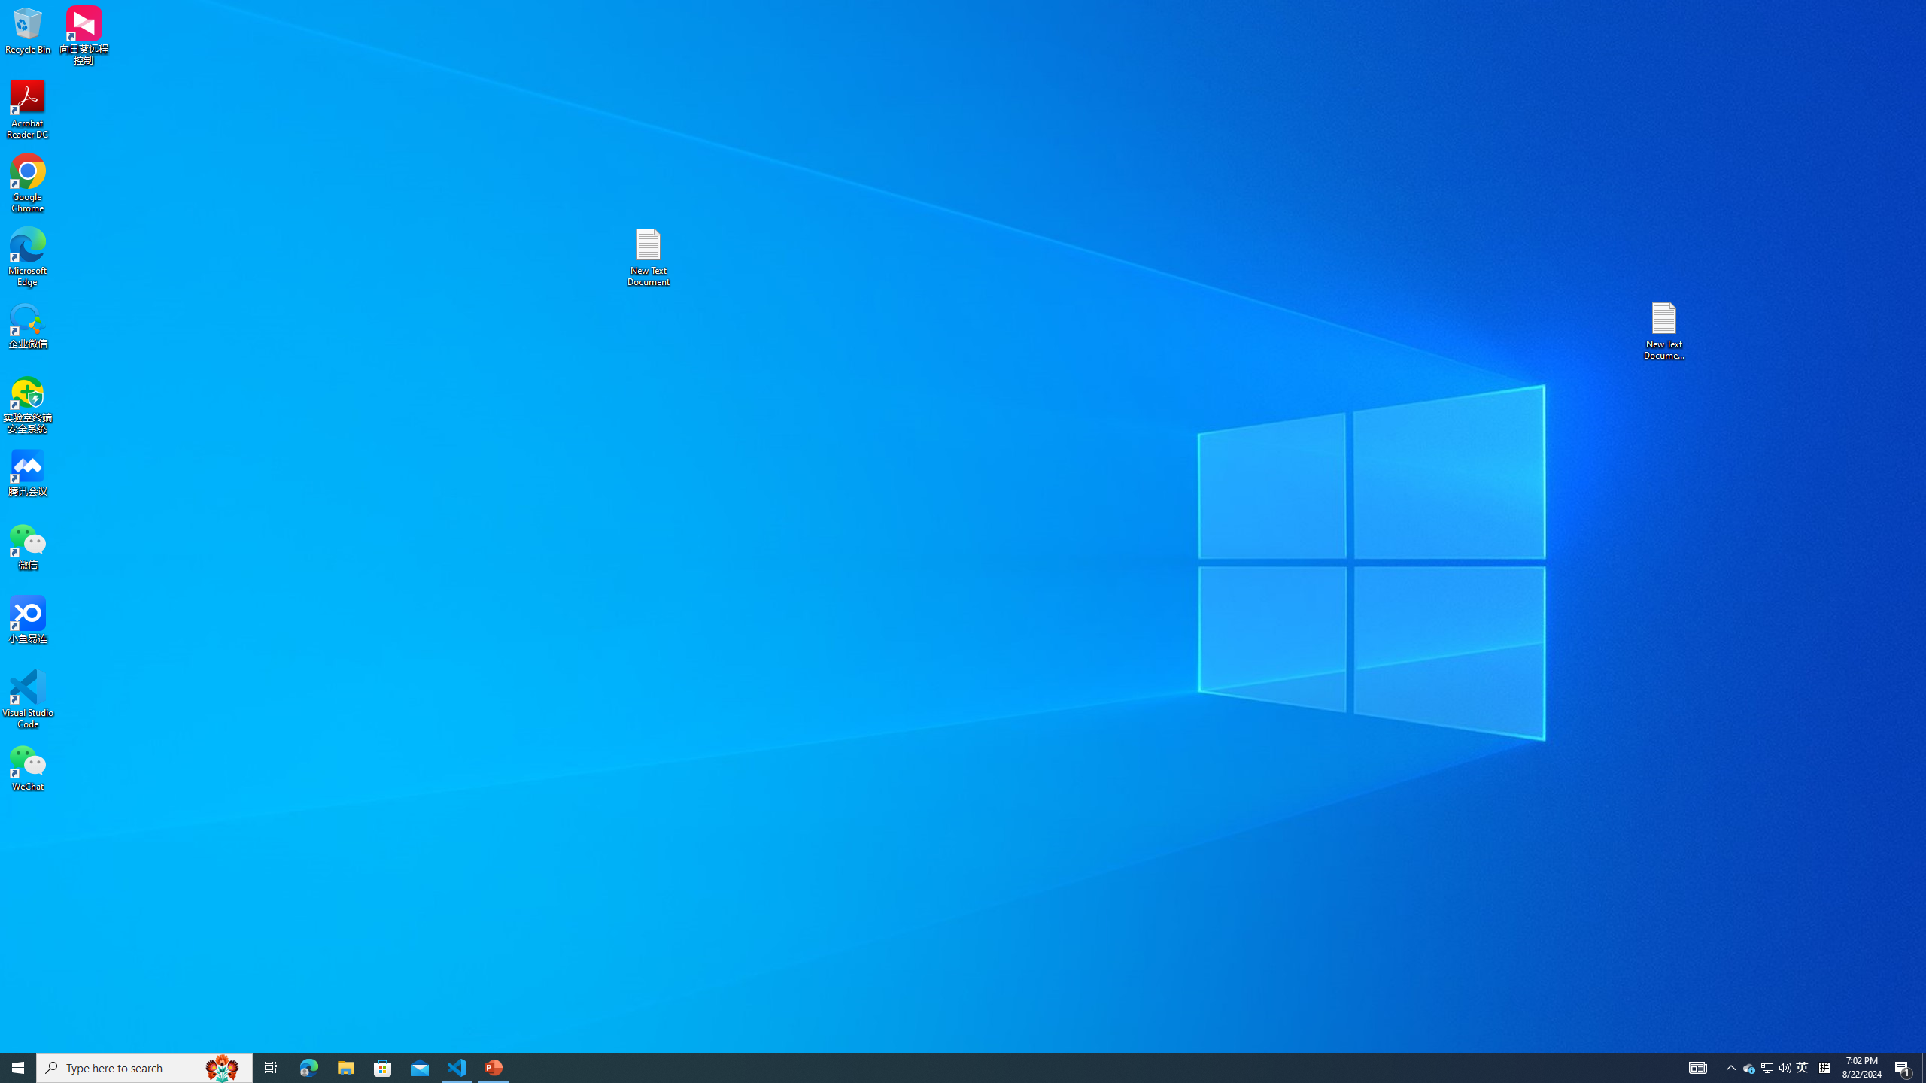 Image resolution: width=1926 pixels, height=1083 pixels. Describe the element at coordinates (27, 29) in the screenshot. I see `'Recycle Bin'` at that location.